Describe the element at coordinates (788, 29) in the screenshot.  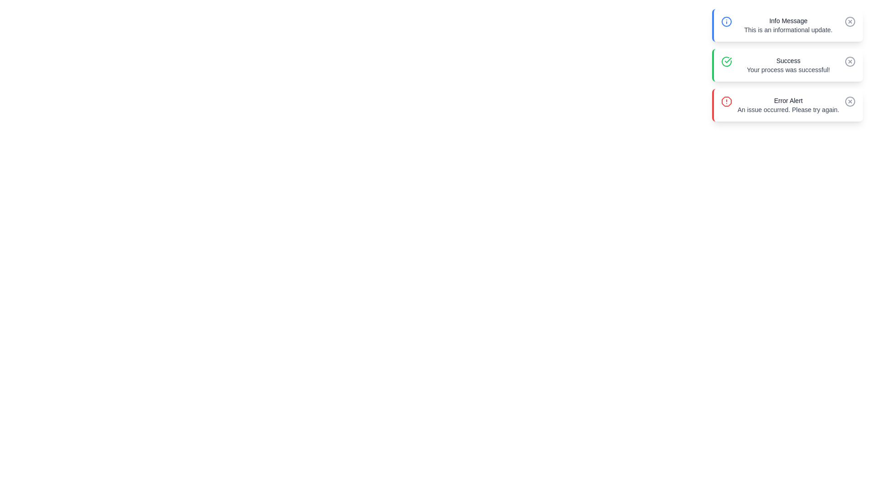
I see `the Text Label that provides additional information about the notification titled 'Info Message', located beneath it in the notification group` at that location.